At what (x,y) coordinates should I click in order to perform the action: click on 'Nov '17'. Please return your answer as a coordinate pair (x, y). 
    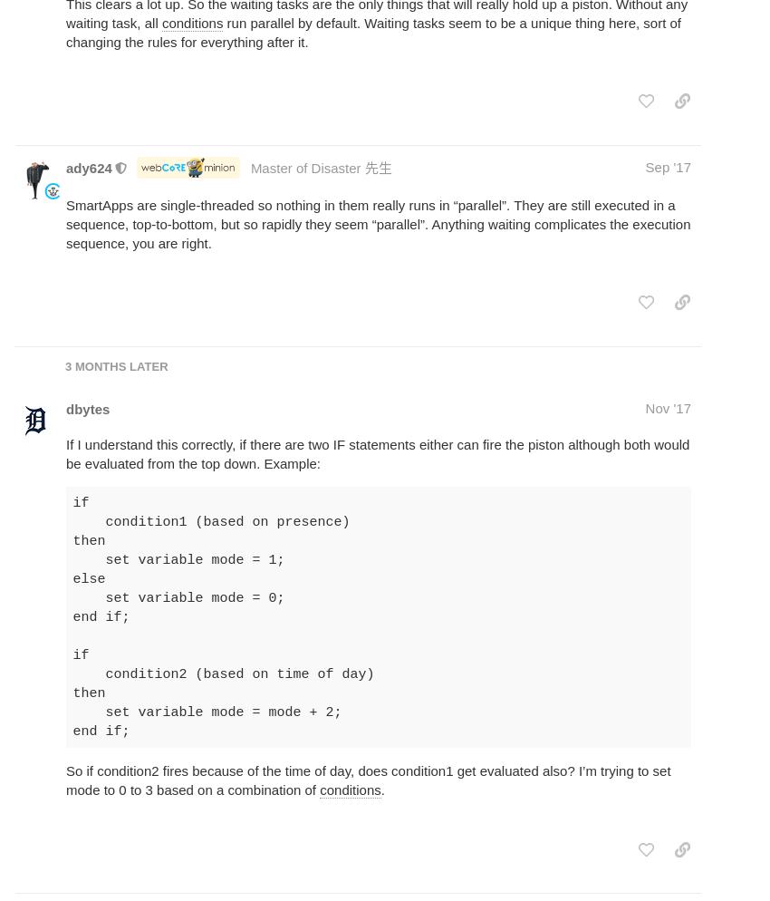
    Looking at the image, I should click on (668, 407).